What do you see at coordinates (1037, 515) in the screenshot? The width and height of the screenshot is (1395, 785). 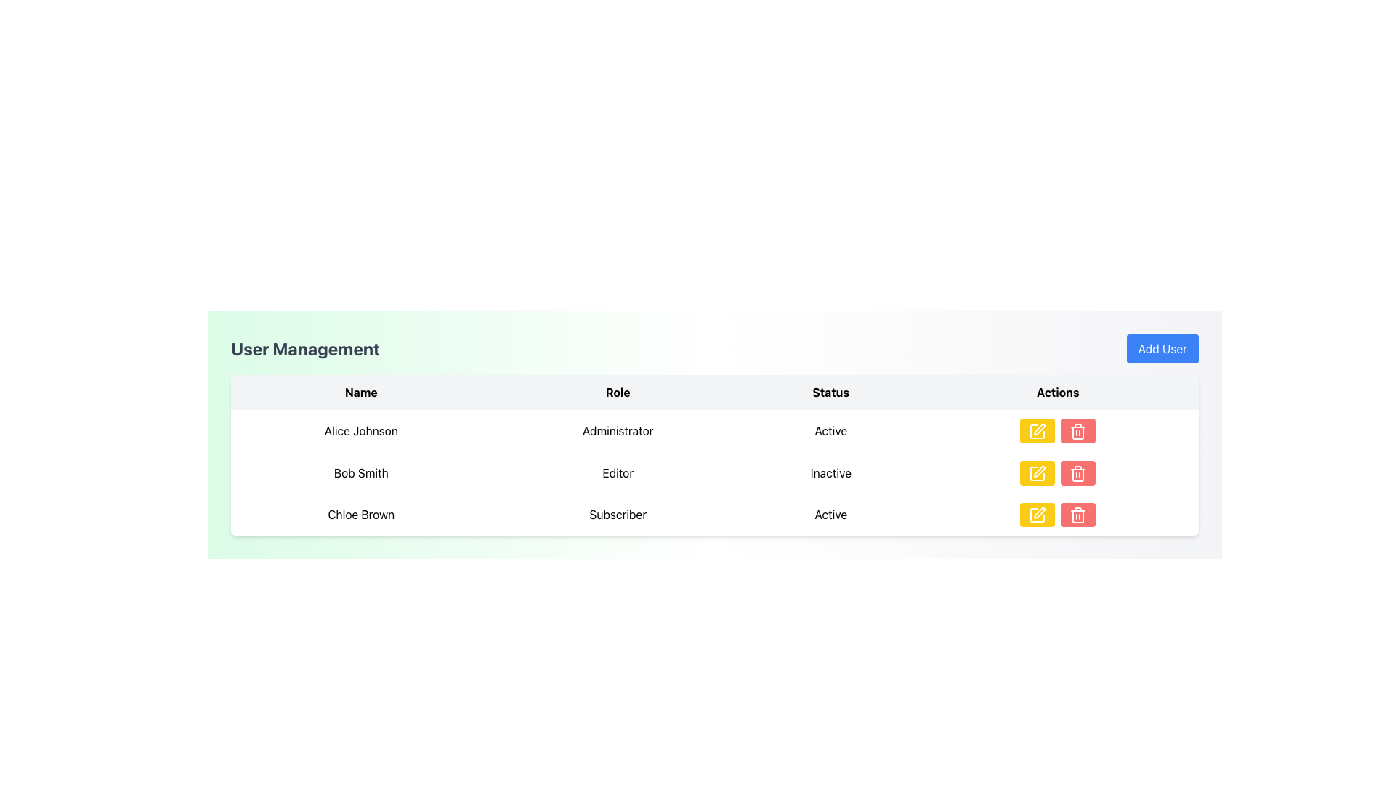 I see `the yellow 'Edit' button in the third row of the 'Actions' column` at bounding box center [1037, 515].